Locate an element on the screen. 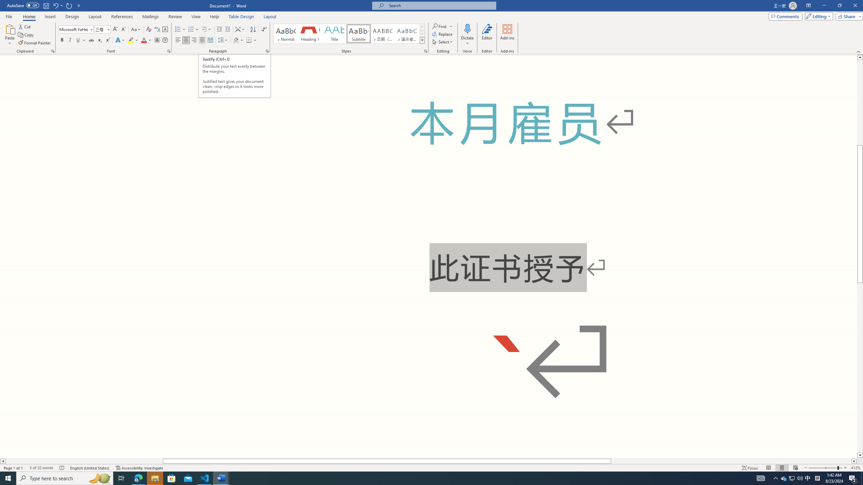 The height and width of the screenshot is (485, 863). 'Column right' is located at coordinates (854, 461).